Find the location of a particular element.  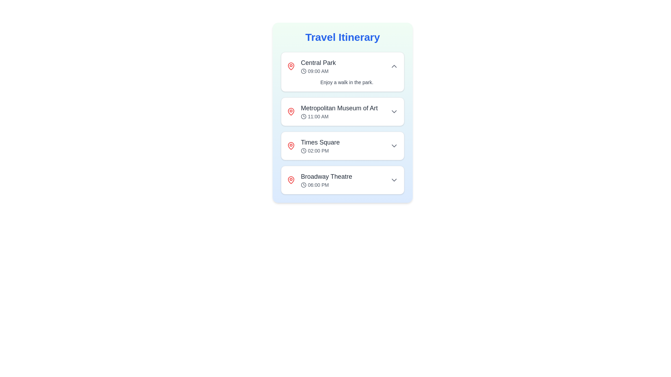

the first card titled 'Central Park' within the 'Travel Itinerary' section is located at coordinates (342, 72).